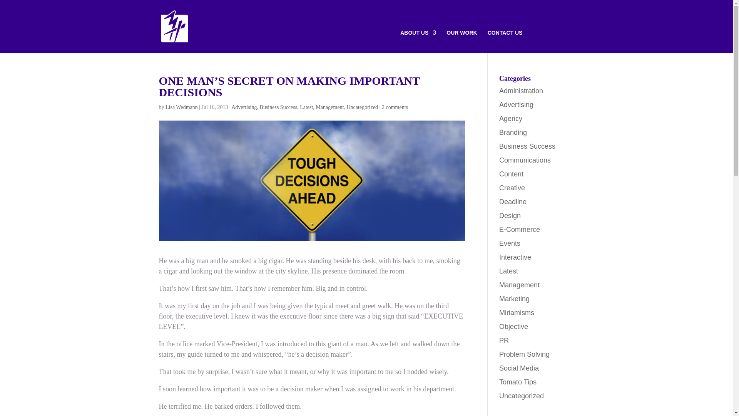 Image resolution: width=739 pixels, height=416 pixels. Describe the element at coordinates (461, 41) in the screenshot. I see `'OUR WORK'` at that location.